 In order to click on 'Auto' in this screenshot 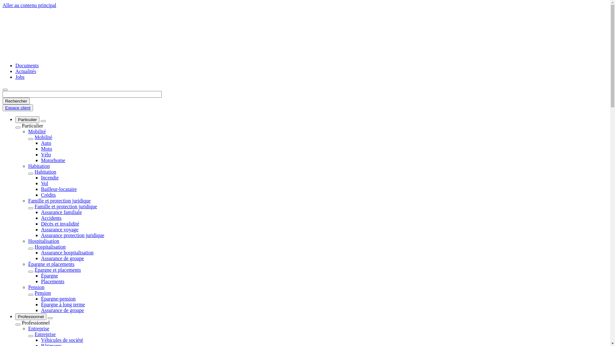, I will do `click(46, 143)`.